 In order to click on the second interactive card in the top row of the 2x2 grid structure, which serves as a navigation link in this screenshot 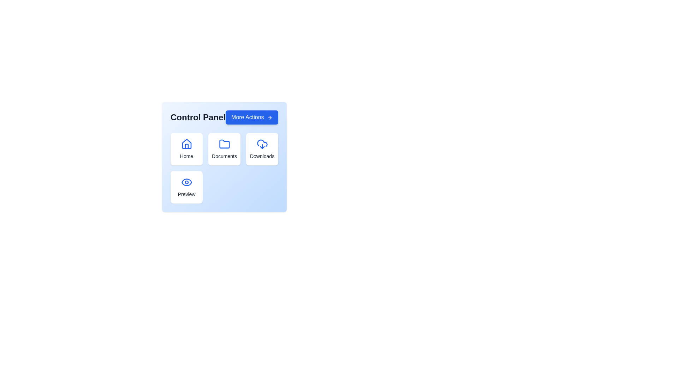, I will do `click(224, 156)`.